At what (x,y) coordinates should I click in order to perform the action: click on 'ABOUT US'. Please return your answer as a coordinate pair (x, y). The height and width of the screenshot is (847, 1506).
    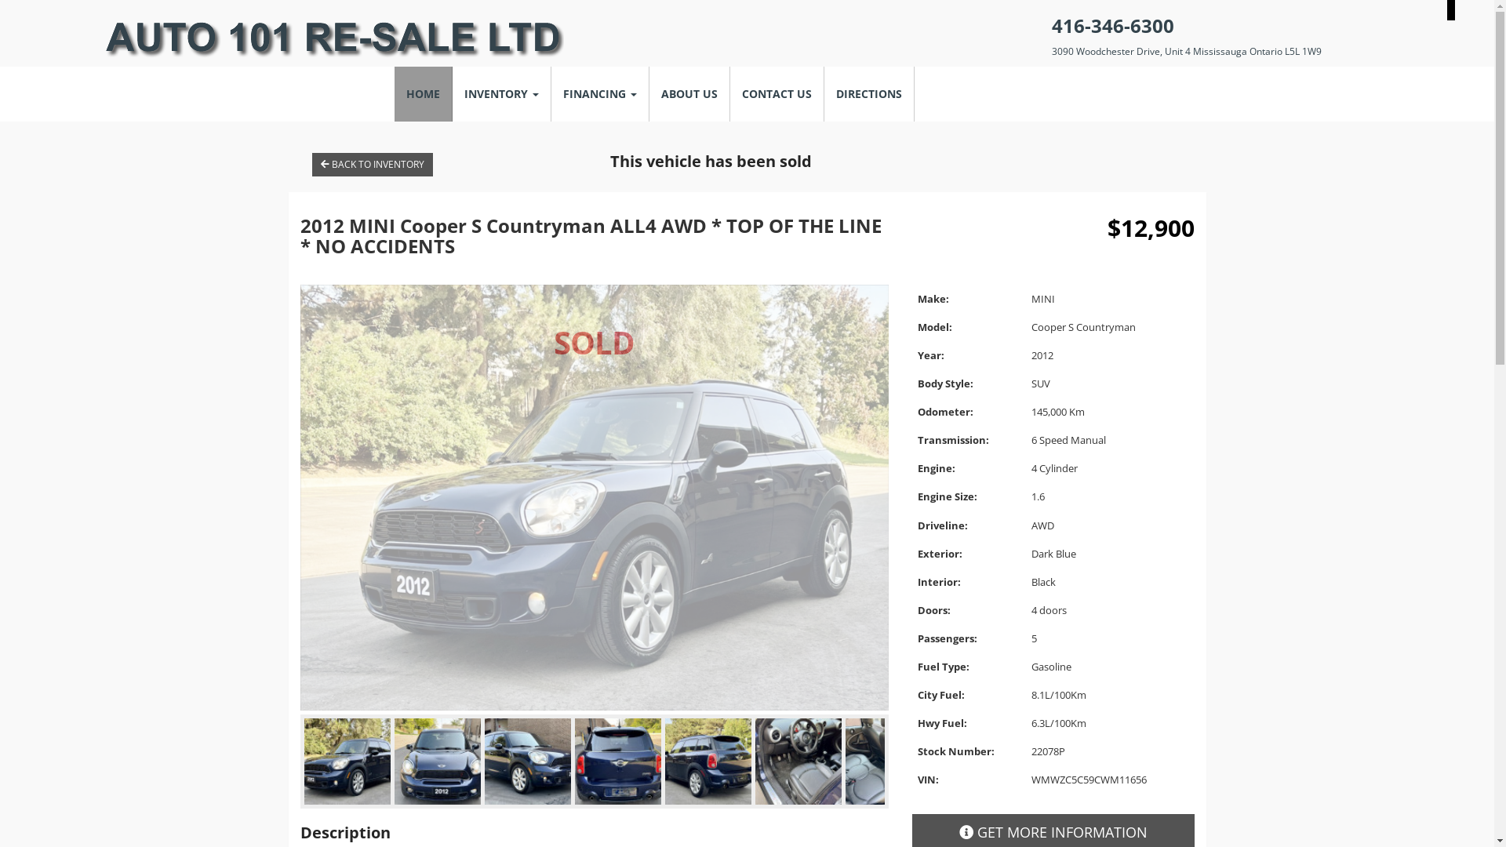
    Looking at the image, I should click on (689, 93).